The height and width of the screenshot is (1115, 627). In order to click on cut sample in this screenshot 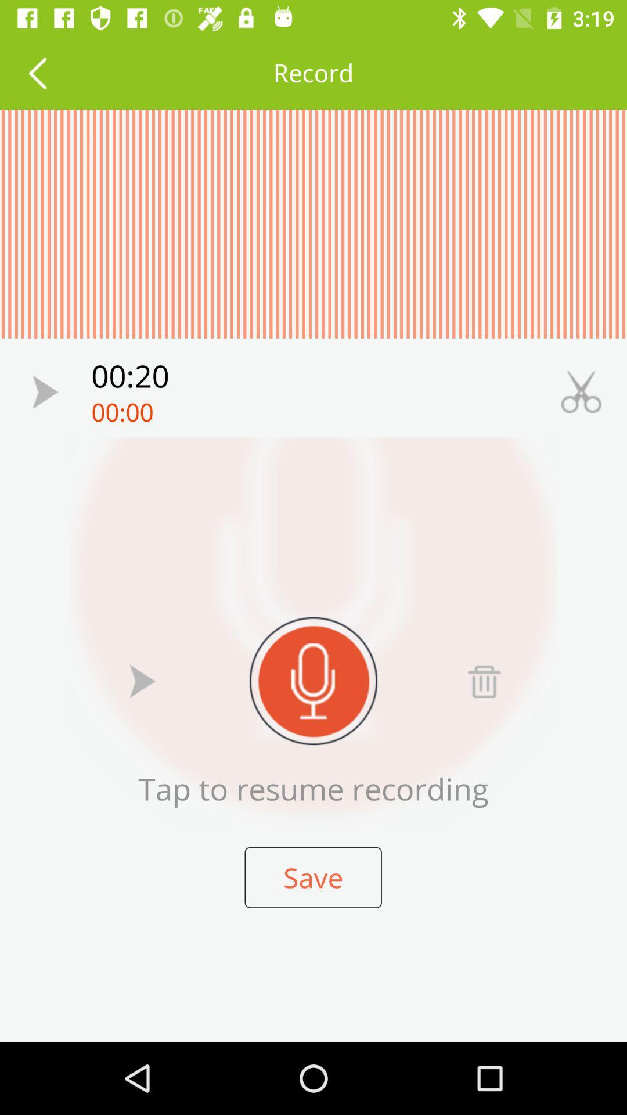, I will do `click(581, 392)`.